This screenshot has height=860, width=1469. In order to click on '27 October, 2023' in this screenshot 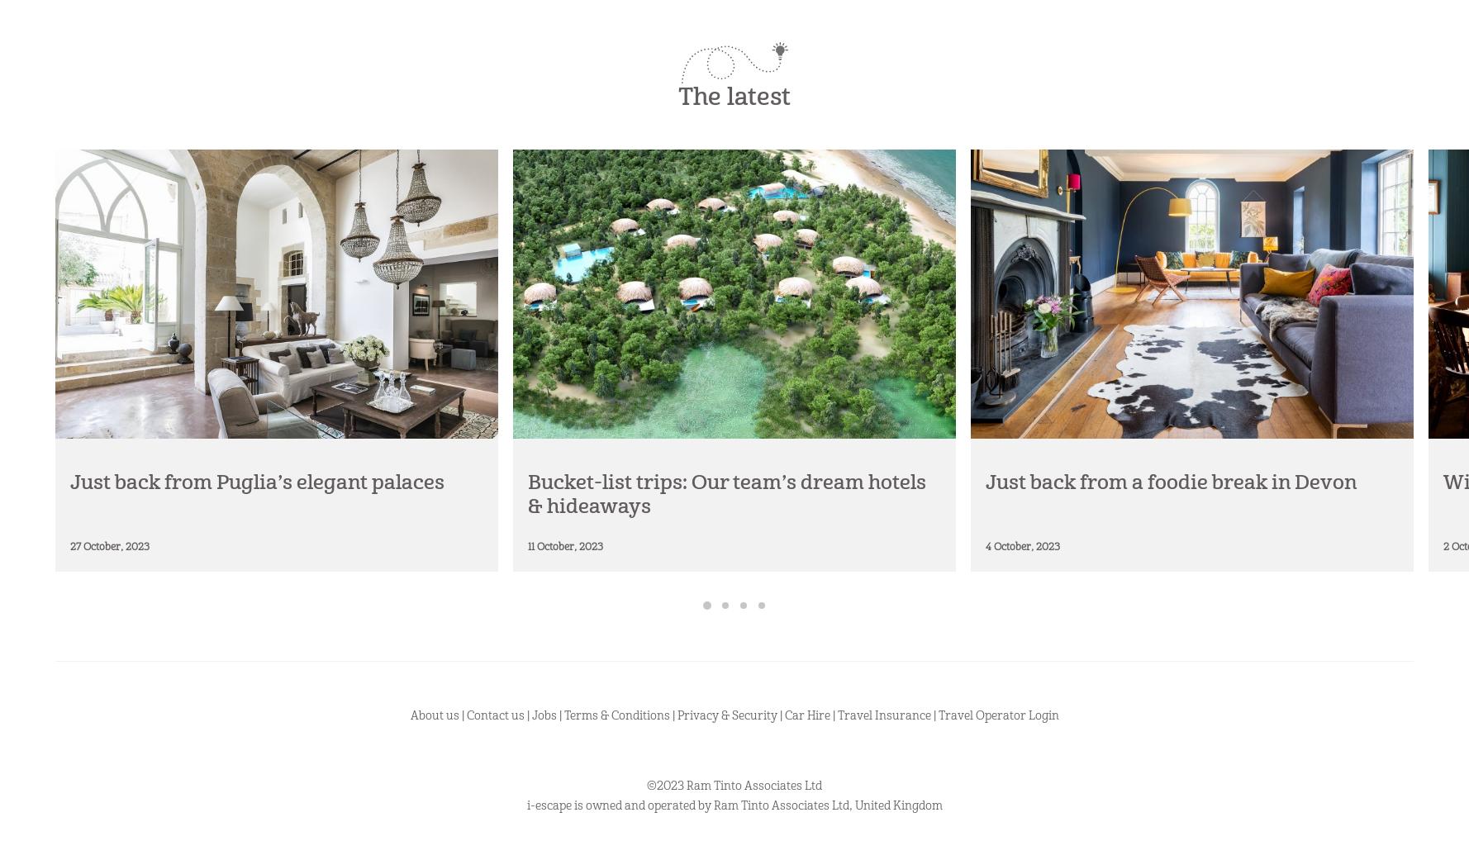, I will do `click(109, 545)`.